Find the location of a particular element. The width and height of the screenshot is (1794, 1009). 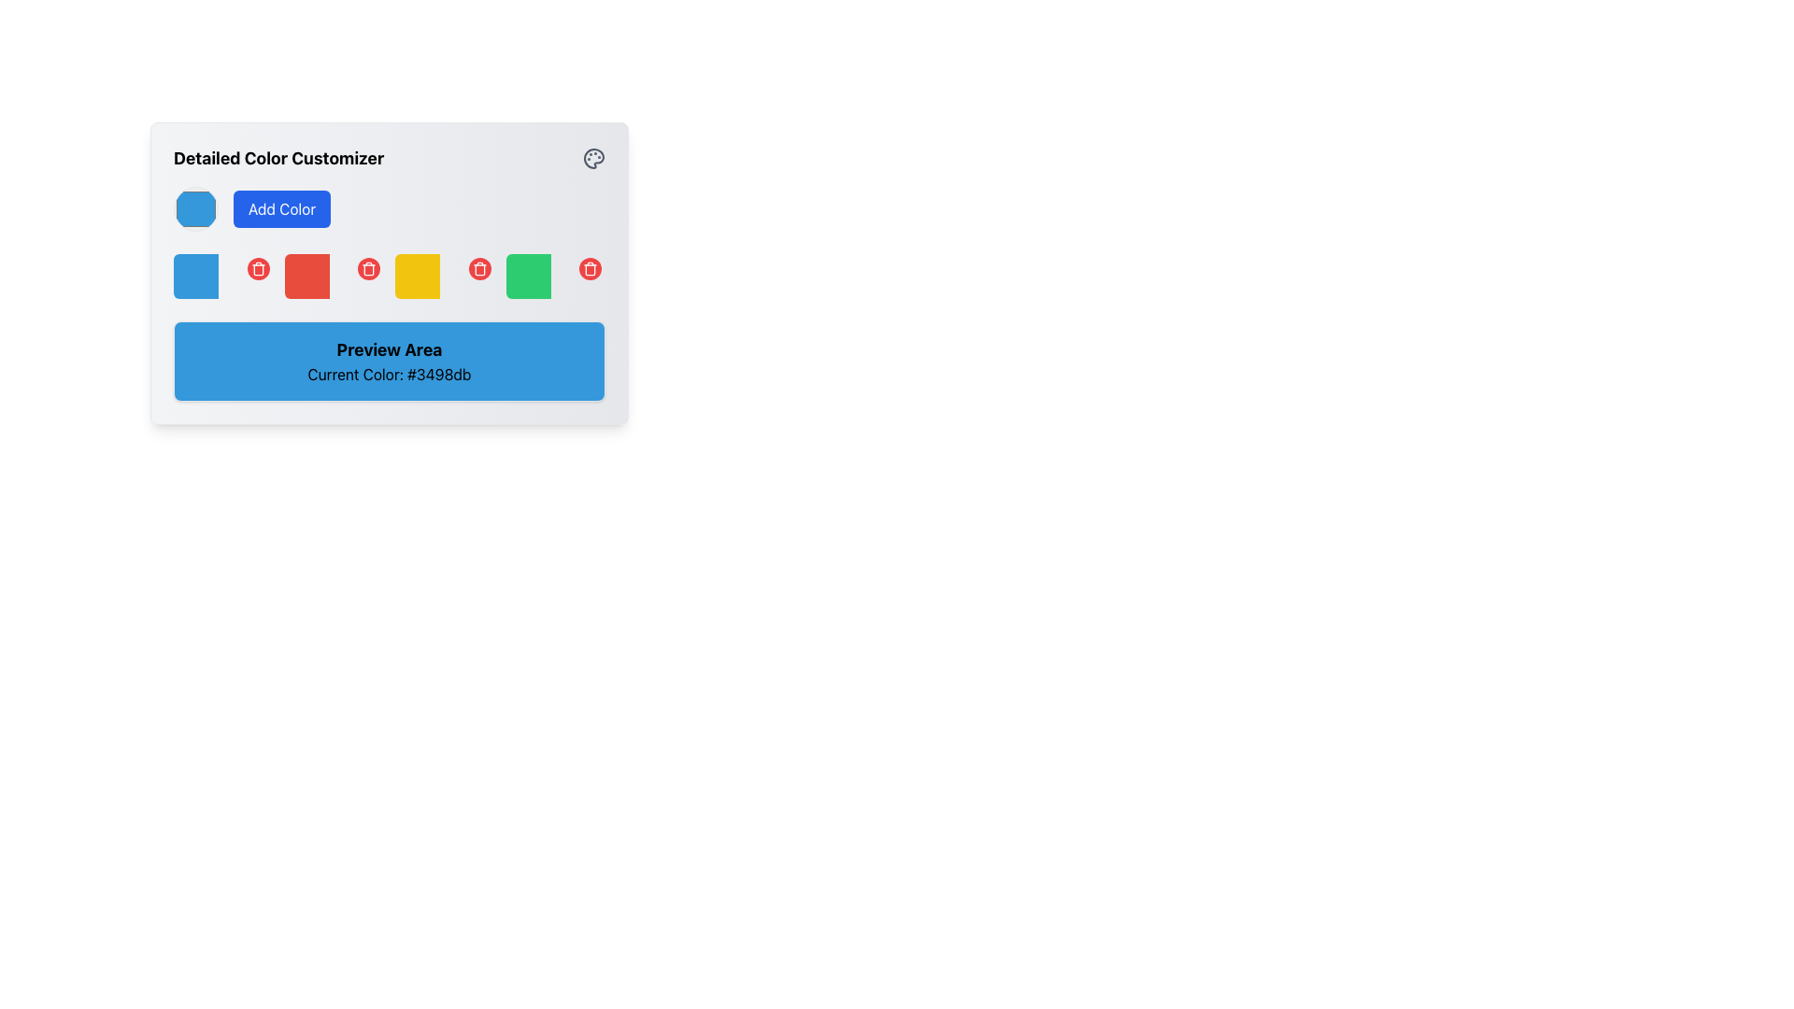

the Composite Element (Color Display Area with Button) is located at coordinates (554, 277).